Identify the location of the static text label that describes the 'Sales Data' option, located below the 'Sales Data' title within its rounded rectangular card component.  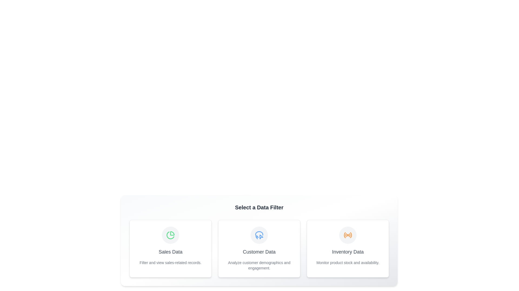
(170, 262).